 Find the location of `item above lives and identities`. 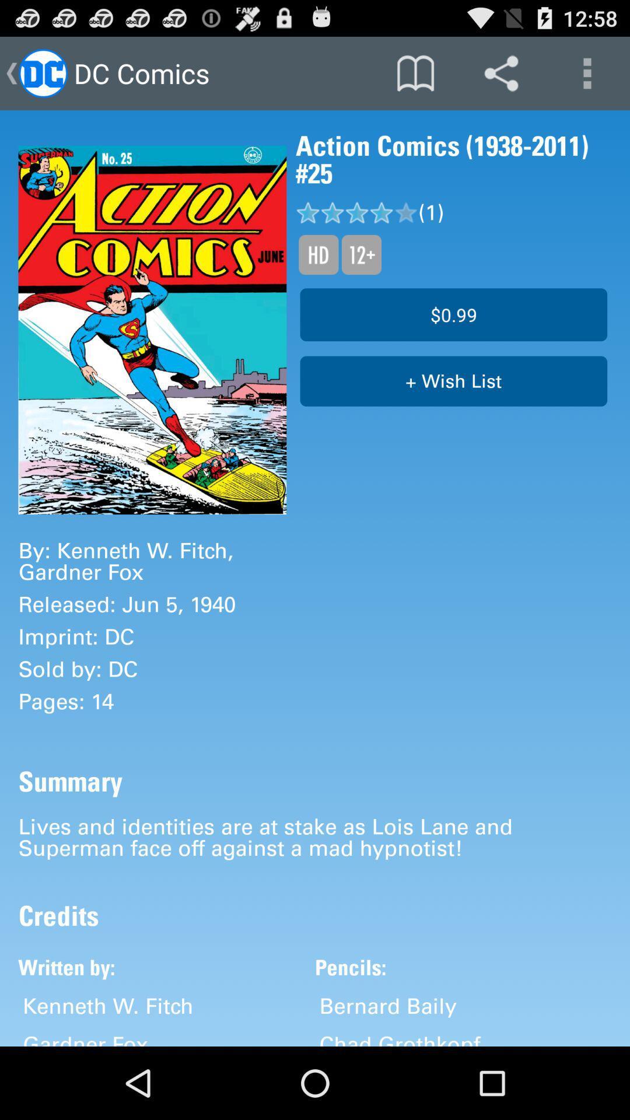

item above lives and identities is located at coordinates (453, 381).